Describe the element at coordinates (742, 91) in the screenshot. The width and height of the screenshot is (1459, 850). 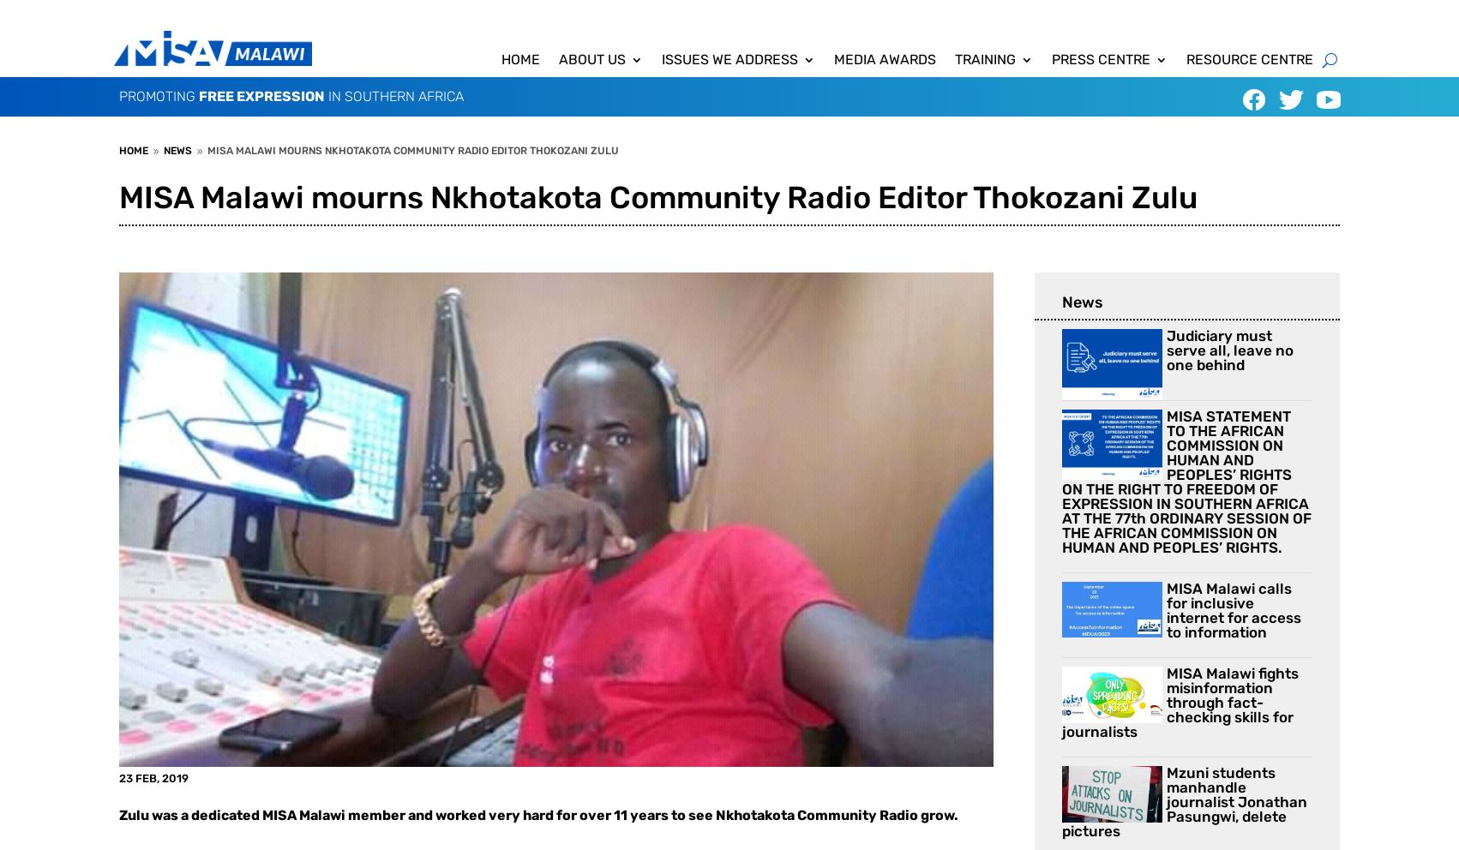
I see `'Access to information'` at that location.